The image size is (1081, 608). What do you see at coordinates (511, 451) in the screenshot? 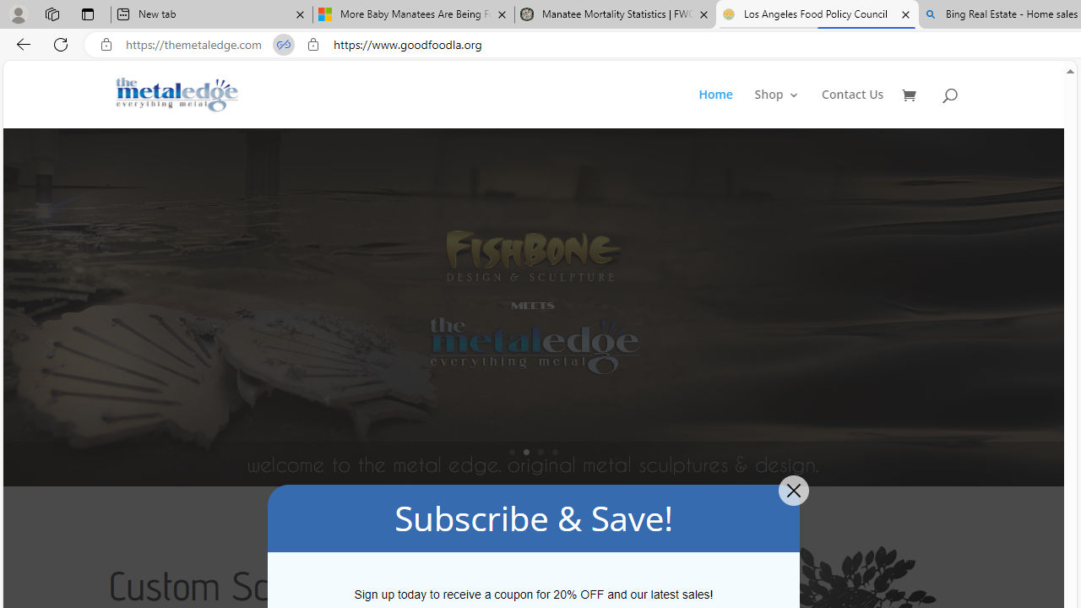
I see `'1'` at bounding box center [511, 451].